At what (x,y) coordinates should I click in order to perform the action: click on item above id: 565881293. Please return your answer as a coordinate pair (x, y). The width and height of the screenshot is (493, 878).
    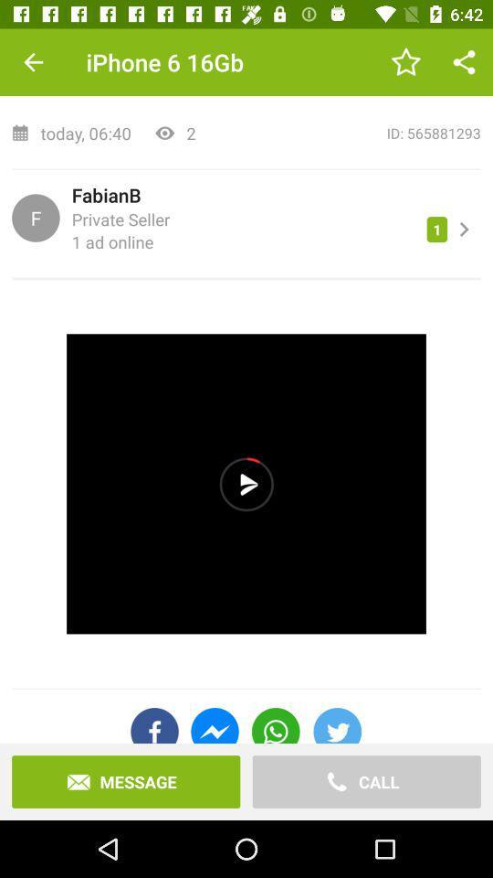
    Looking at the image, I should click on (406, 62).